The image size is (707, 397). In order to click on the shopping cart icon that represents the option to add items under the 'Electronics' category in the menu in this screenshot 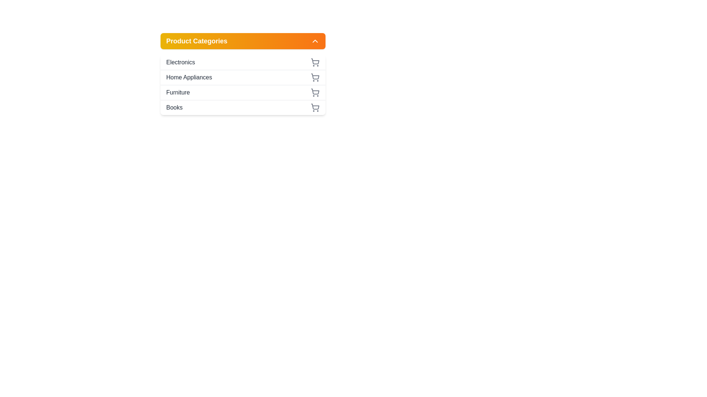, I will do `click(315, 61)`.